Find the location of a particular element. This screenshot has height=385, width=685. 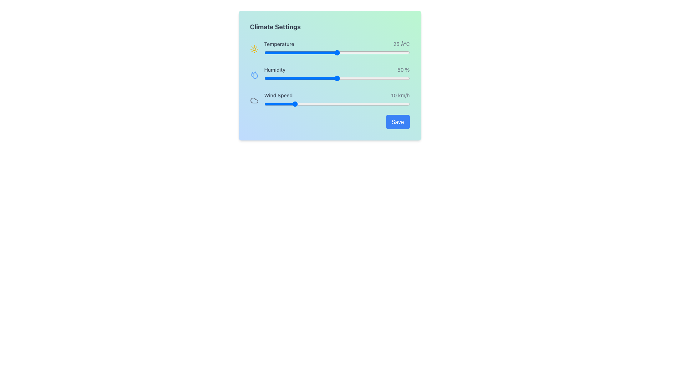

the temperature slider is located at coordinates (328, 52).